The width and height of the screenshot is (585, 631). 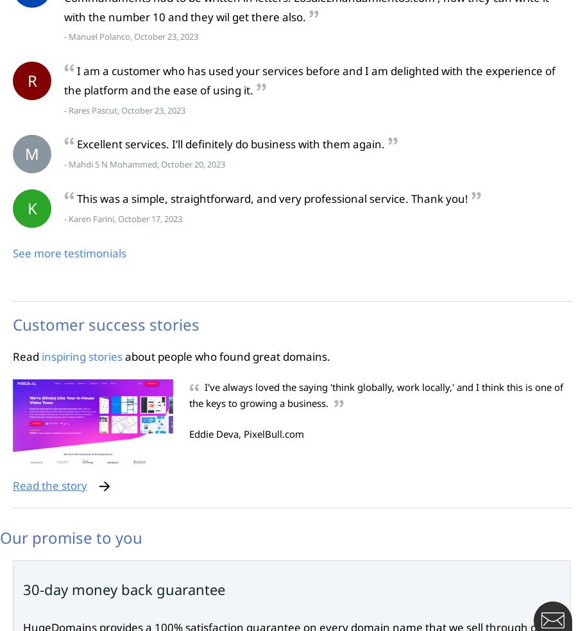 I want to click on '- Rares Pascut, October 23, 2023', so click(x=124, y=110).